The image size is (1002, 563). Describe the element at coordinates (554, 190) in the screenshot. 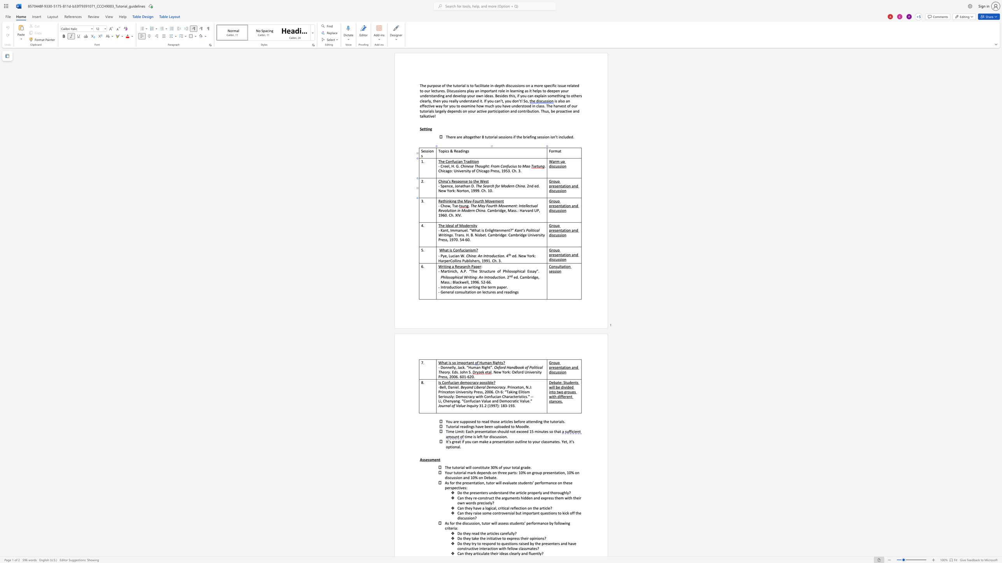

I see `the space between the continuous character "s" and "c" in the text` at that location.